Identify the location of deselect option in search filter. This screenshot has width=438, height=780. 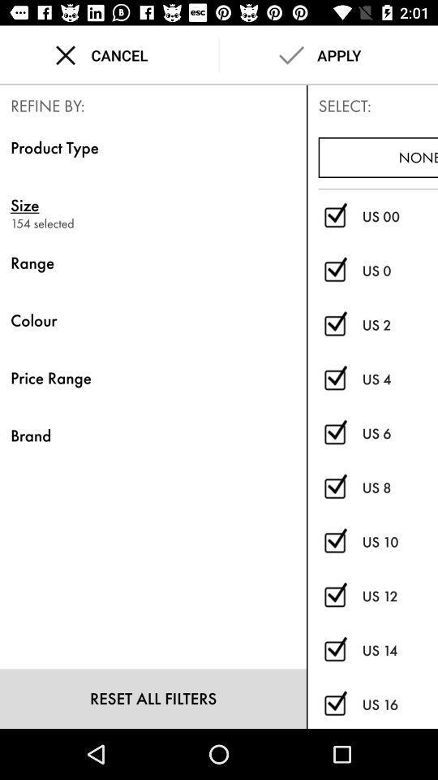
(334, 651).